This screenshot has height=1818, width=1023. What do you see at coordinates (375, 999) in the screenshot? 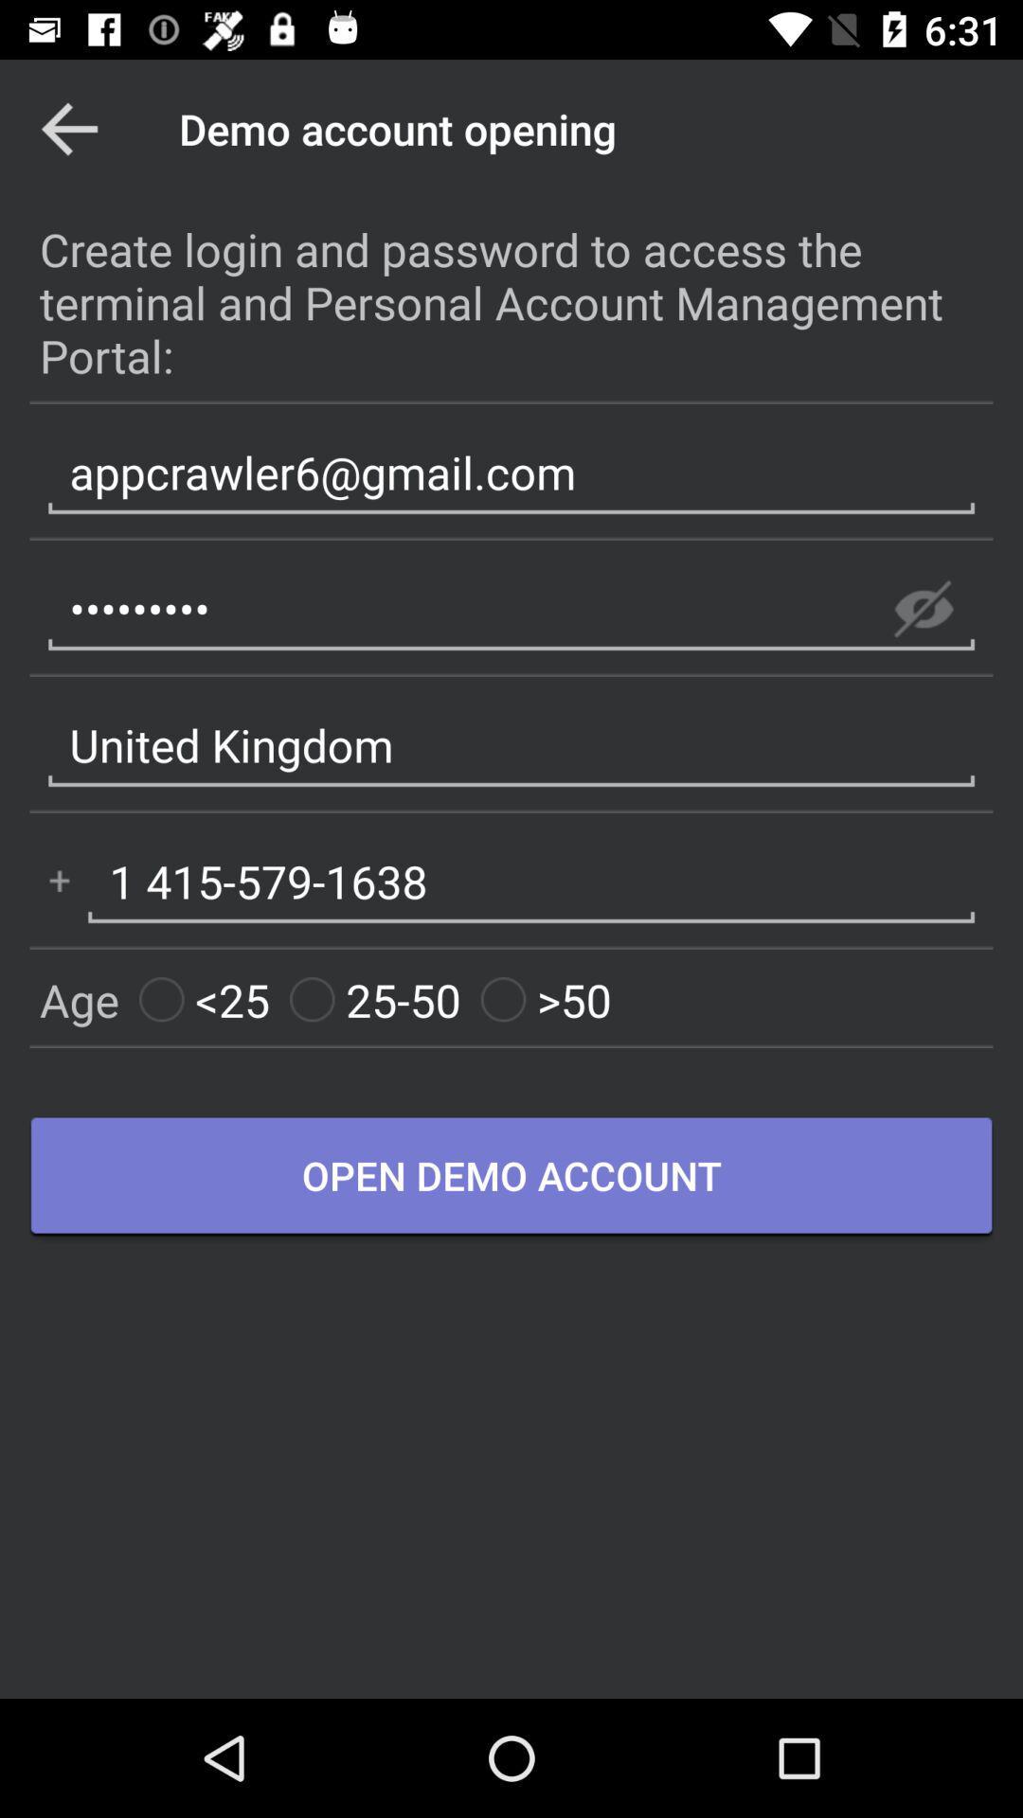
I see `item to the left of the >50` at bounding box center [375, 999].